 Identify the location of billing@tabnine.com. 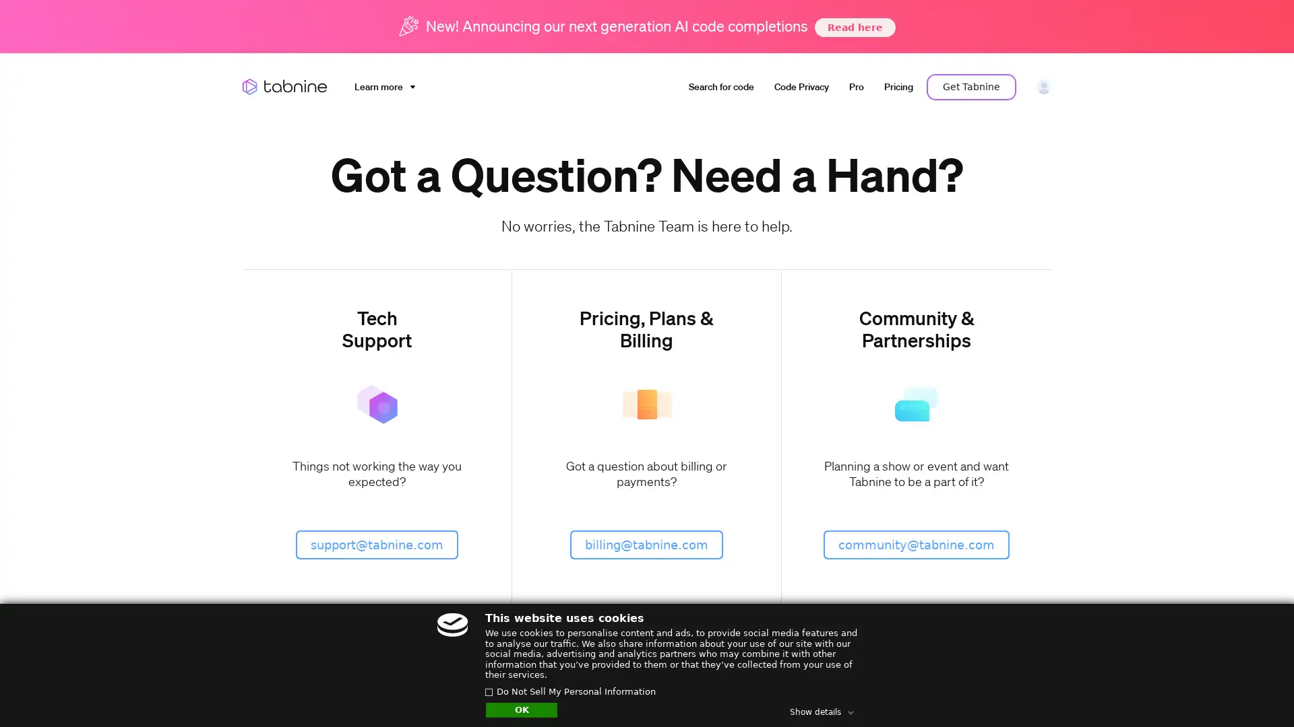
(646, 543).